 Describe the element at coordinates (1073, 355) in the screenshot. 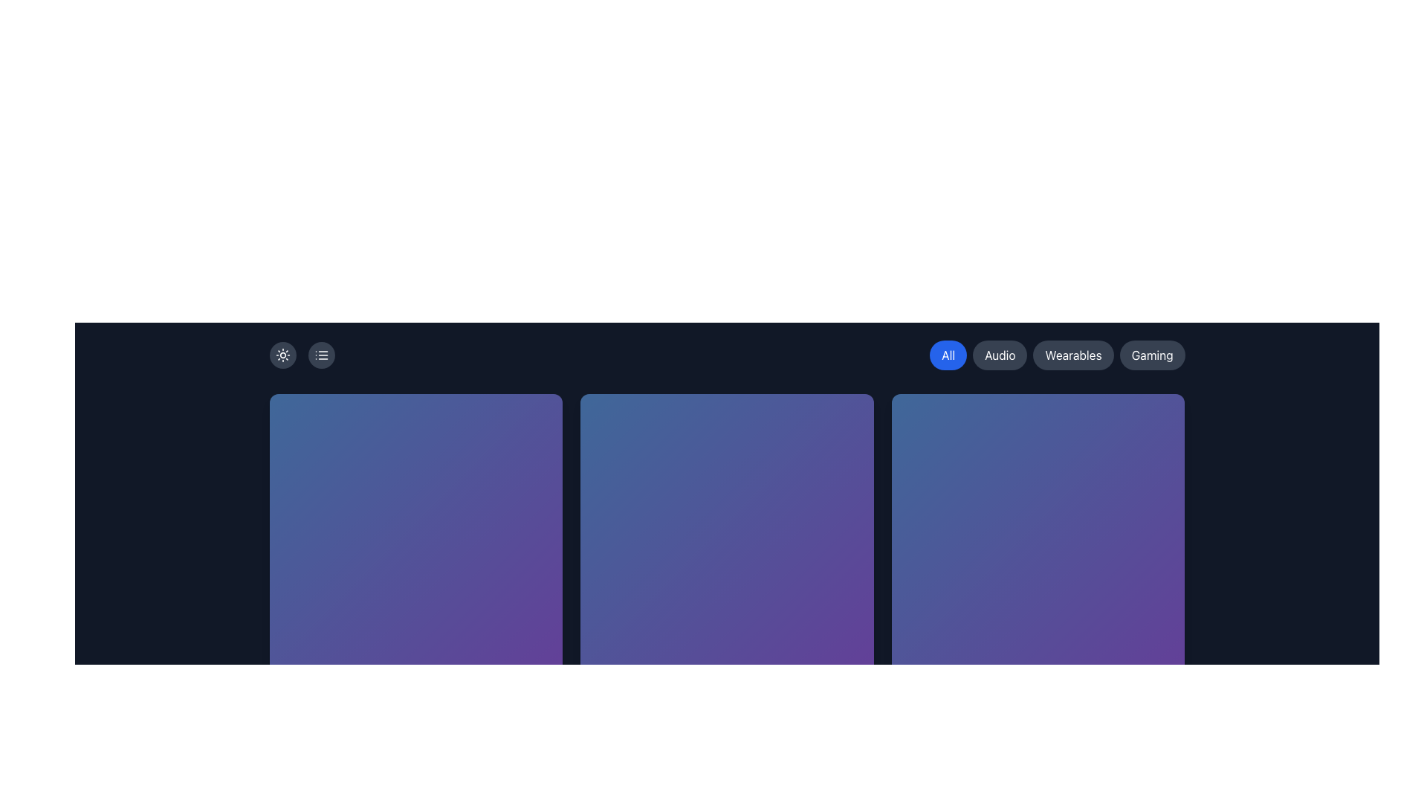

I see `the 'Wearables' button, which is the third button in a horizontal list` at that location.